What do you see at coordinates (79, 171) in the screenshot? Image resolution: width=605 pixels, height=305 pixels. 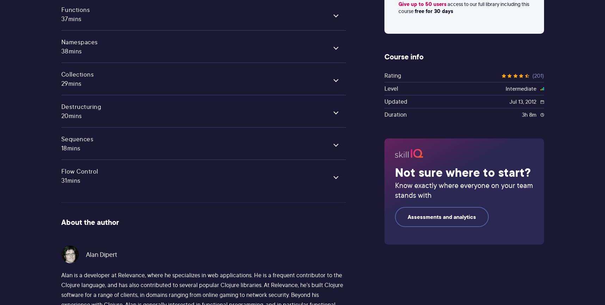 I see `'Flow Control'` at bounding box center [79, 171].